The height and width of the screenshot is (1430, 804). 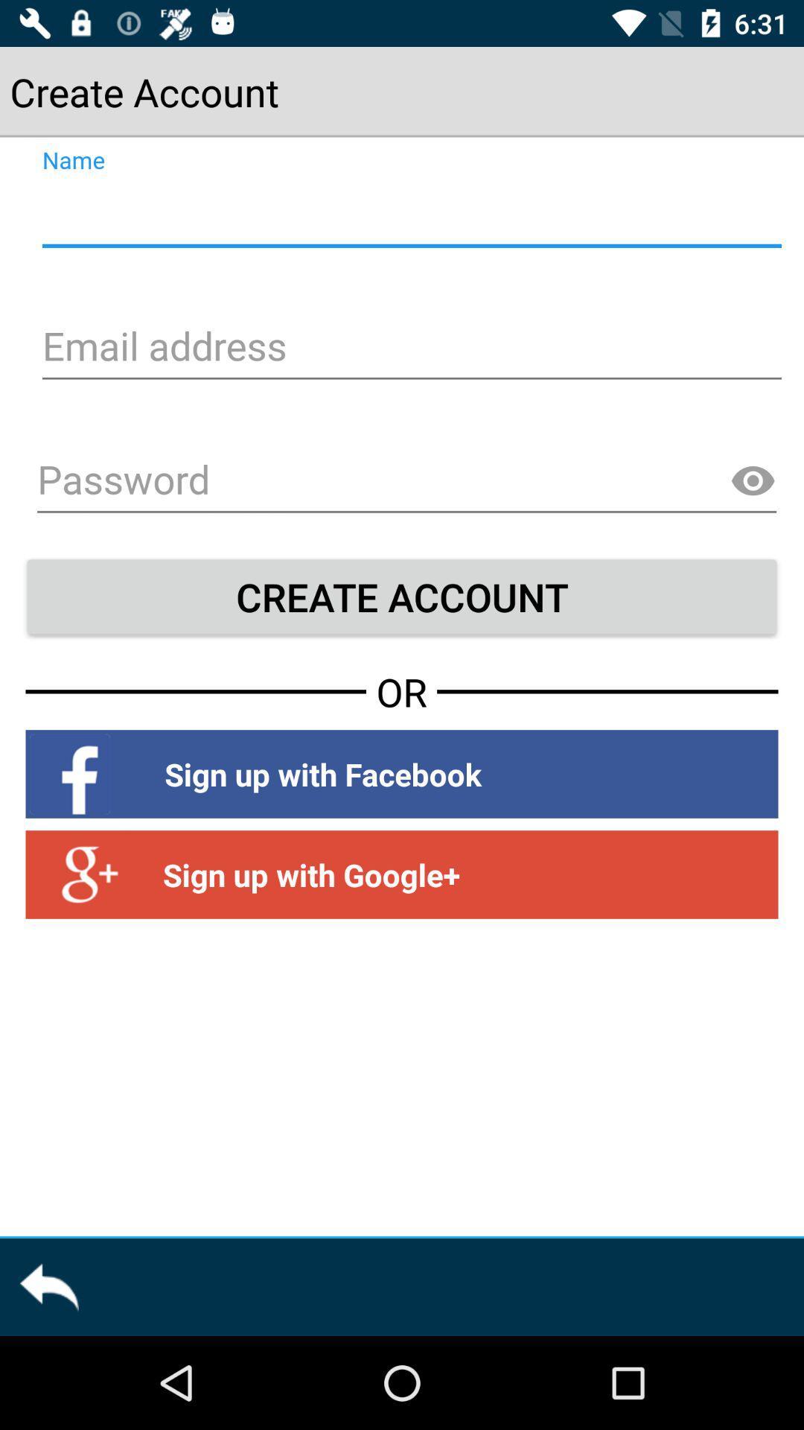 What do you see at coordinates (409, 214) in the screenshot?
I see `name for account creation` at bounding box center [409, 214].